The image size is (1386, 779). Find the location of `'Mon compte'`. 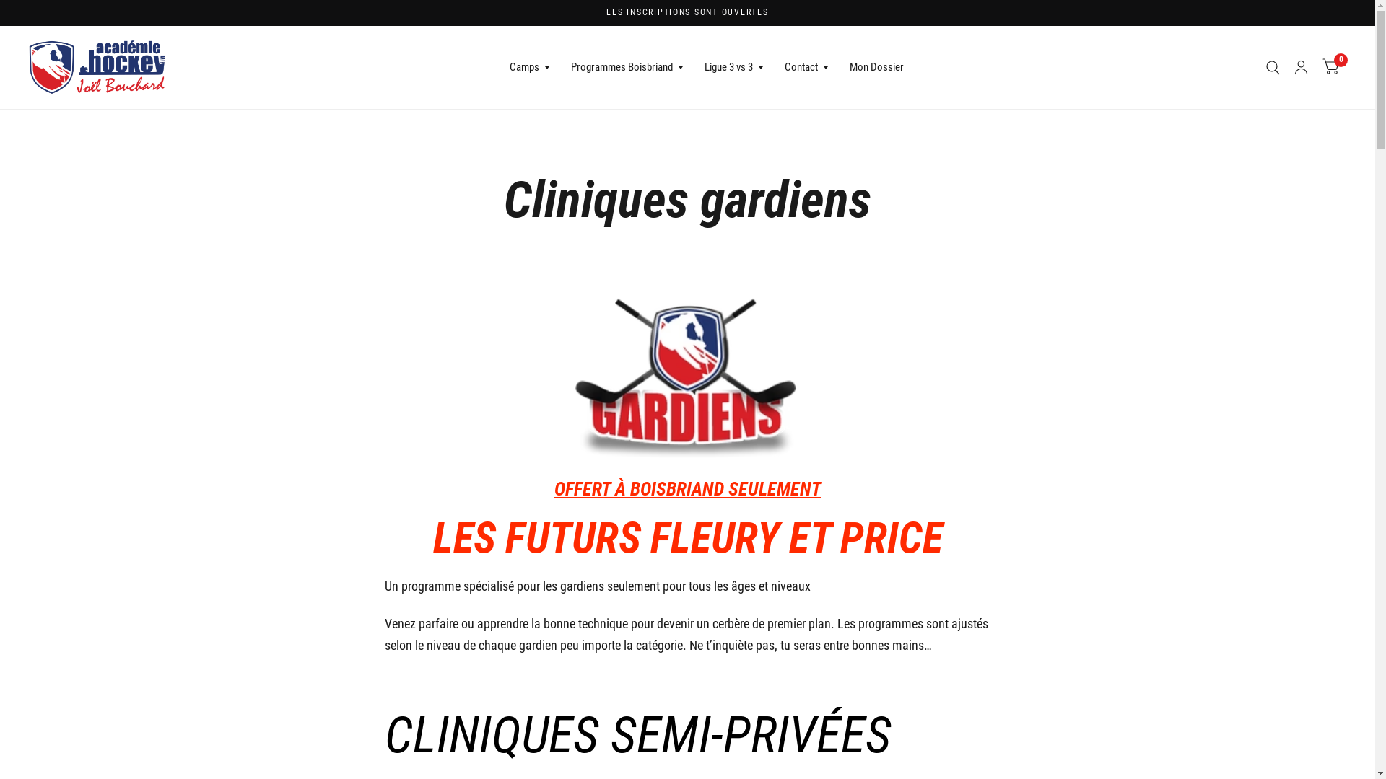

'Mon compte' is located at coordinates (1301, 67).